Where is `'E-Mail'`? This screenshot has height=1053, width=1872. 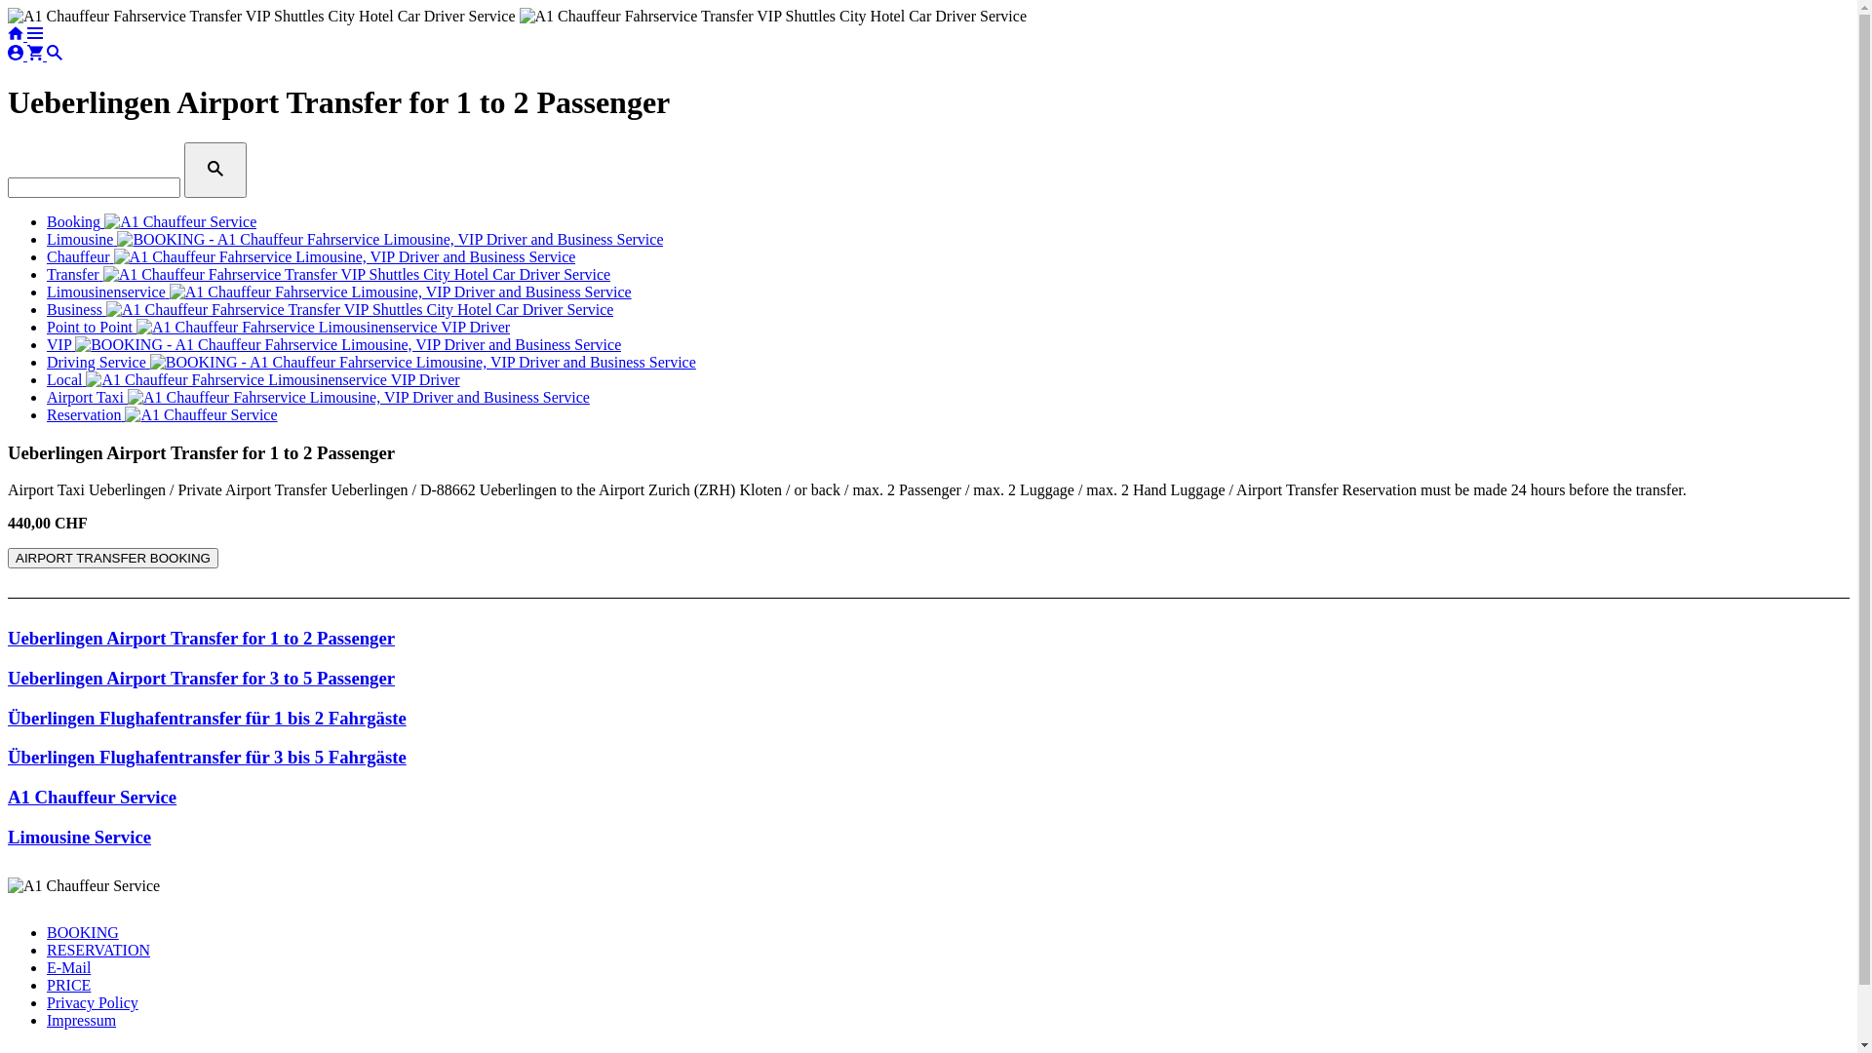 'E-Mail' is located at coordinates (68, 967).